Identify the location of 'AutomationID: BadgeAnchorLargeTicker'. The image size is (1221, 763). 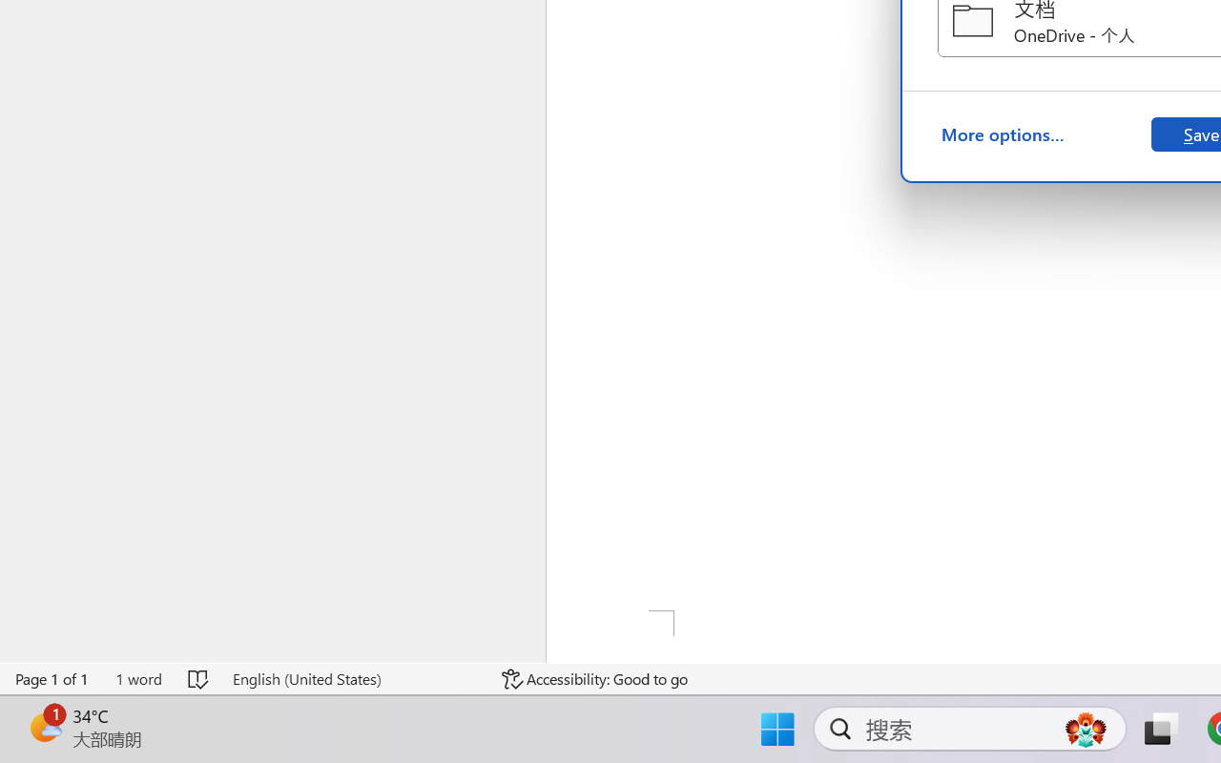
(44, 727).